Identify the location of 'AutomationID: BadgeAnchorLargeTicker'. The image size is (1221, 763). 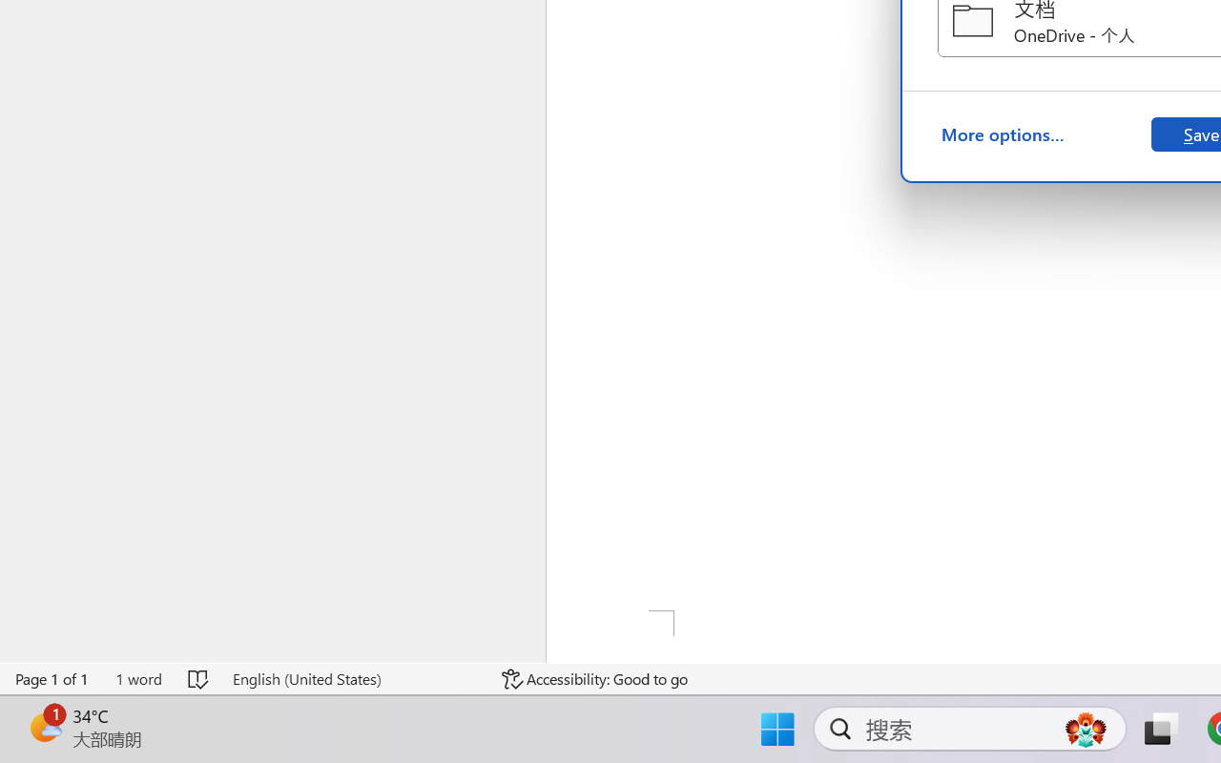
(44, 727).